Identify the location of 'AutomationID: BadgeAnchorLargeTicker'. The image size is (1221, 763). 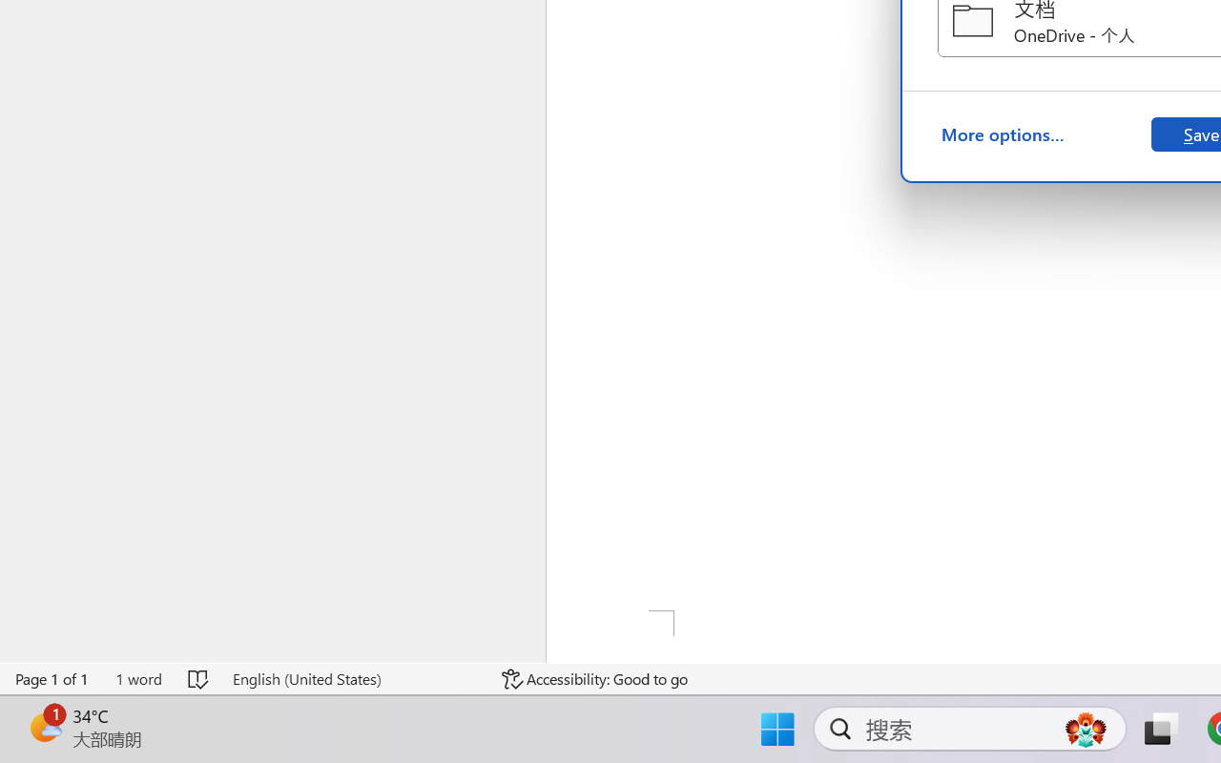
(44, 727).